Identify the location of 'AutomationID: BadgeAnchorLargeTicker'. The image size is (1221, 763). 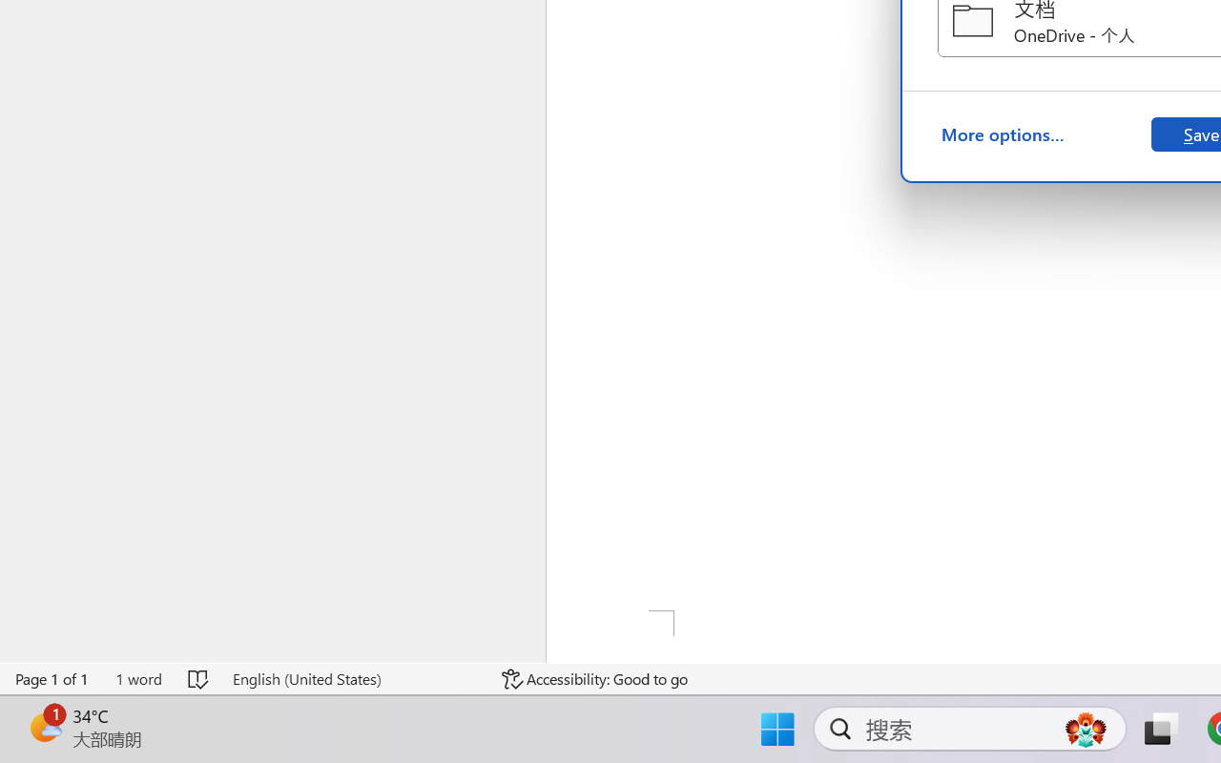
(44, 727).